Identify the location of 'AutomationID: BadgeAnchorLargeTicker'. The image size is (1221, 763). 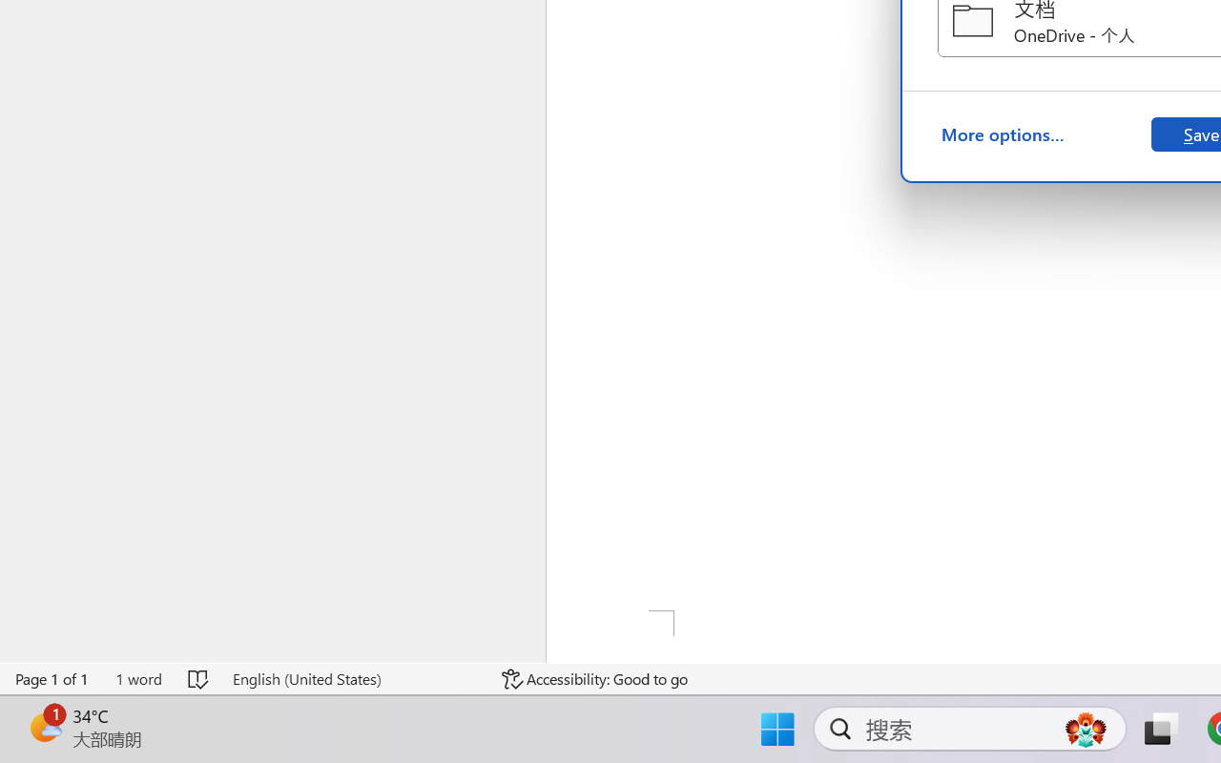
(44, 727).